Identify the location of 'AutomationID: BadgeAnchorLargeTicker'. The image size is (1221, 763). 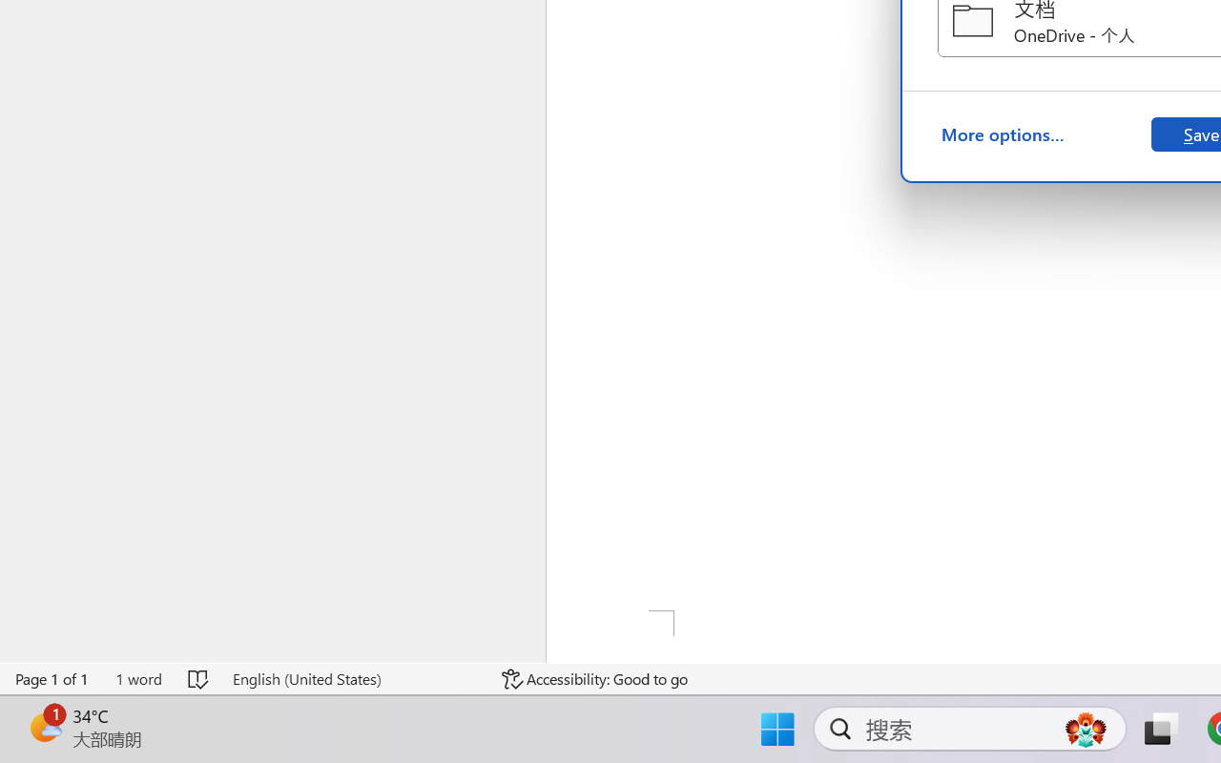
(44, 727).